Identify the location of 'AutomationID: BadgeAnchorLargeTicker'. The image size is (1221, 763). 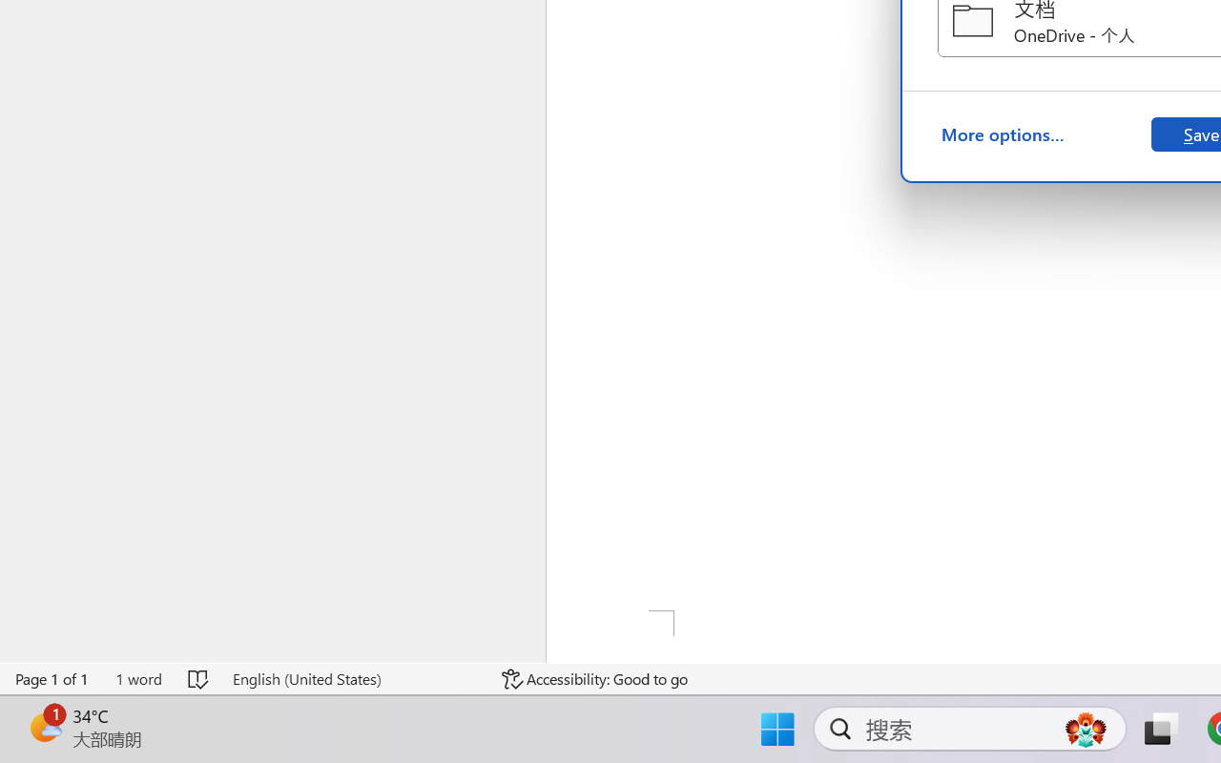
(44, 727).